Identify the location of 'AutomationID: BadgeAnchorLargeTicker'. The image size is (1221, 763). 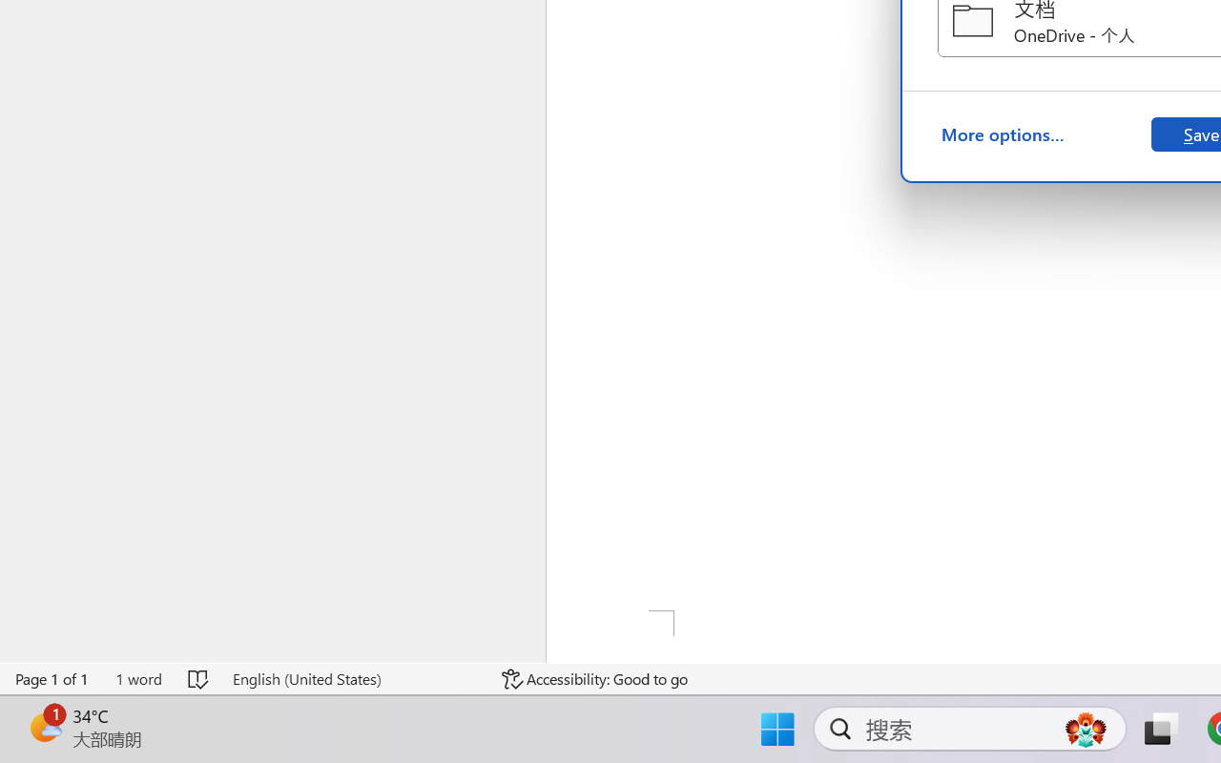
(44, 727).